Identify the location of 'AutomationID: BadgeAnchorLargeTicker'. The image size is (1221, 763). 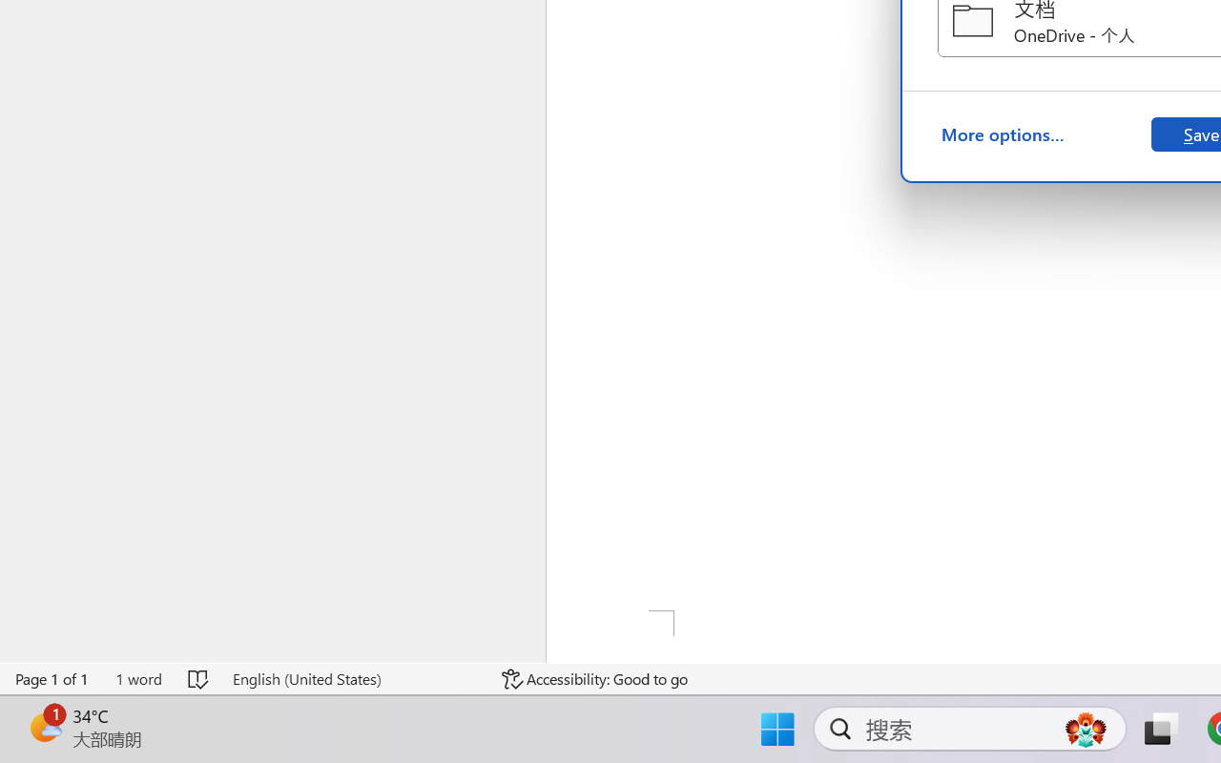
(44, 727).